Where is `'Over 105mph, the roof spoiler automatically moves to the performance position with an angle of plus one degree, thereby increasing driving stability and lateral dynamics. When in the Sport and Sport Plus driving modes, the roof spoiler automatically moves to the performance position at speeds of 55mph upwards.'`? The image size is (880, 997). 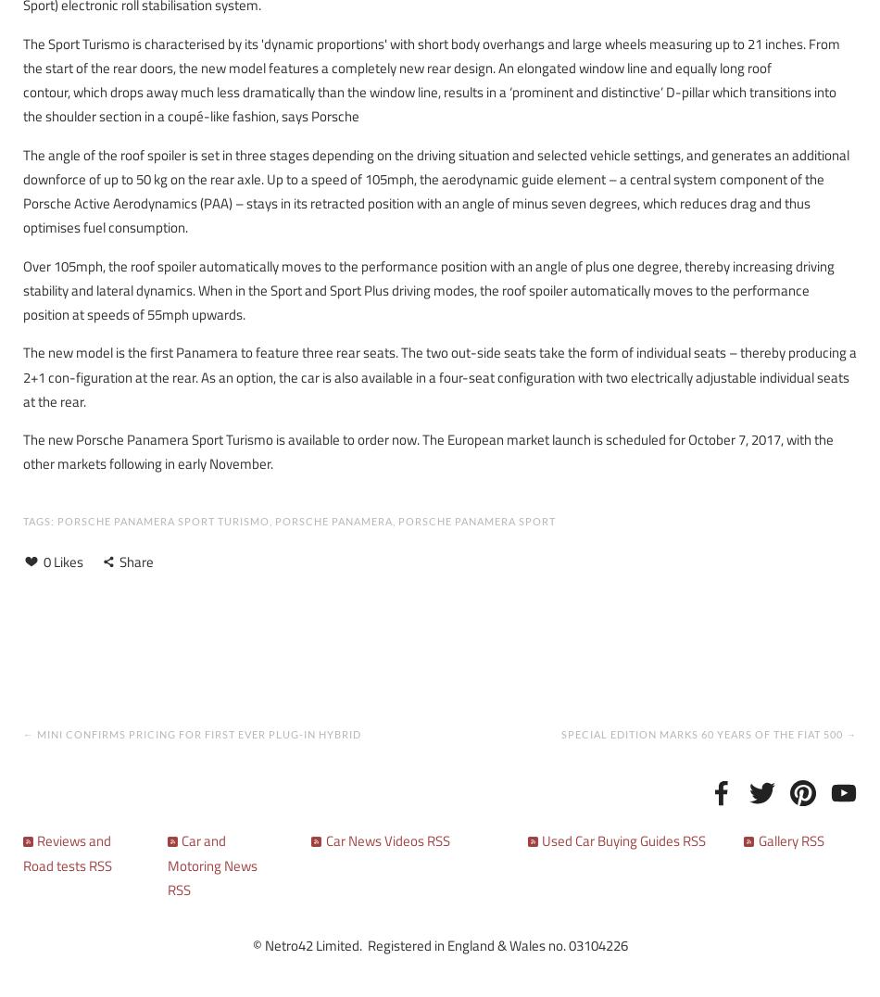 'Over 105mph, the roof spoiler automatically moves to the performance position with an angle of plus one degree, thereby increasing driving stability and lateral dynamics. When in the Sport and Sport Plus driving modes, the roof spoiler automatically moves to the performance position at speeds of 55mph upwards.' is located at coordinates (428, 289).